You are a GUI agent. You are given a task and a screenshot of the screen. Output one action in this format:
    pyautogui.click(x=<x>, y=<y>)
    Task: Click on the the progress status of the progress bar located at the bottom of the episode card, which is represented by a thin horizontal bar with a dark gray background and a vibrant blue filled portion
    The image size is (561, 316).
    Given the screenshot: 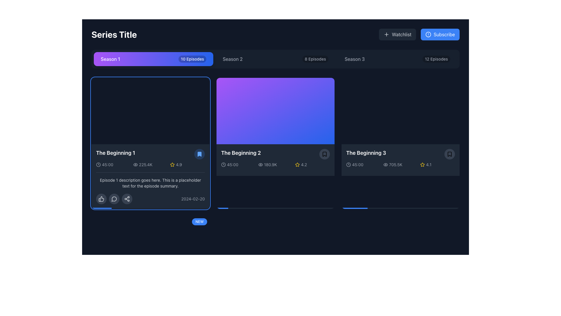 What is the action you would take?
    pyautogui.click(x=150, y=313)
    